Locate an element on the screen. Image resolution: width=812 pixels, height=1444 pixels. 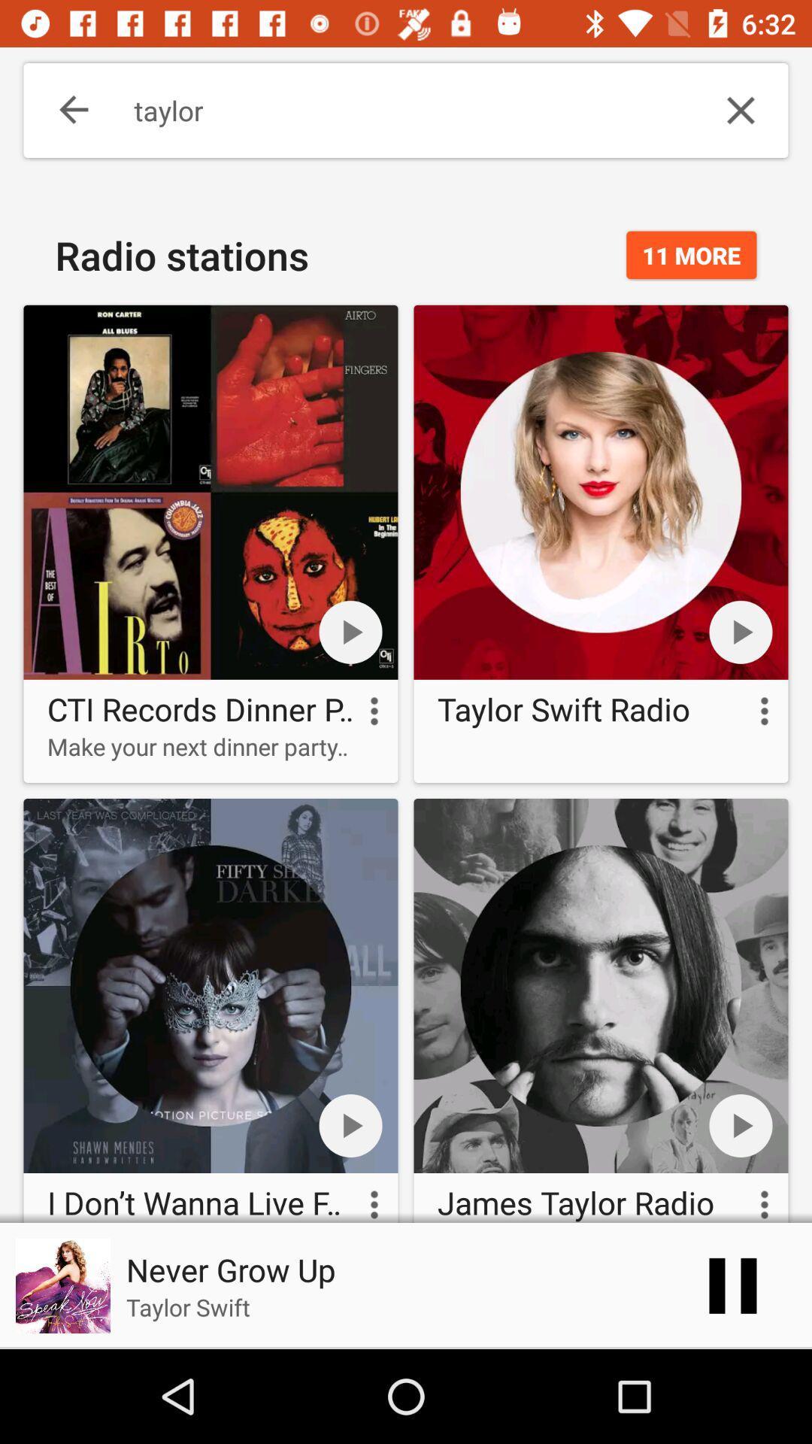
the play icon above taylor swift radio is located at coordinates (741, 632).